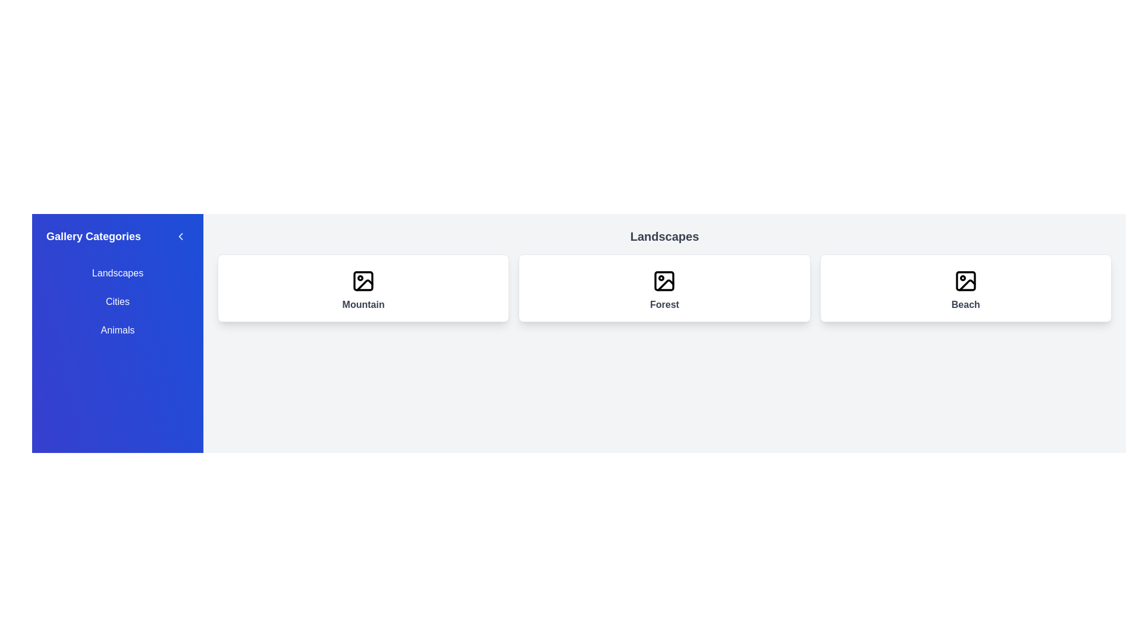  What do you see at coordinates (117, 273) in the screenshot?
I see `the first menu option 'Landscapes' in the blue-themed side navigation panel` at bounding box center [117, 273].